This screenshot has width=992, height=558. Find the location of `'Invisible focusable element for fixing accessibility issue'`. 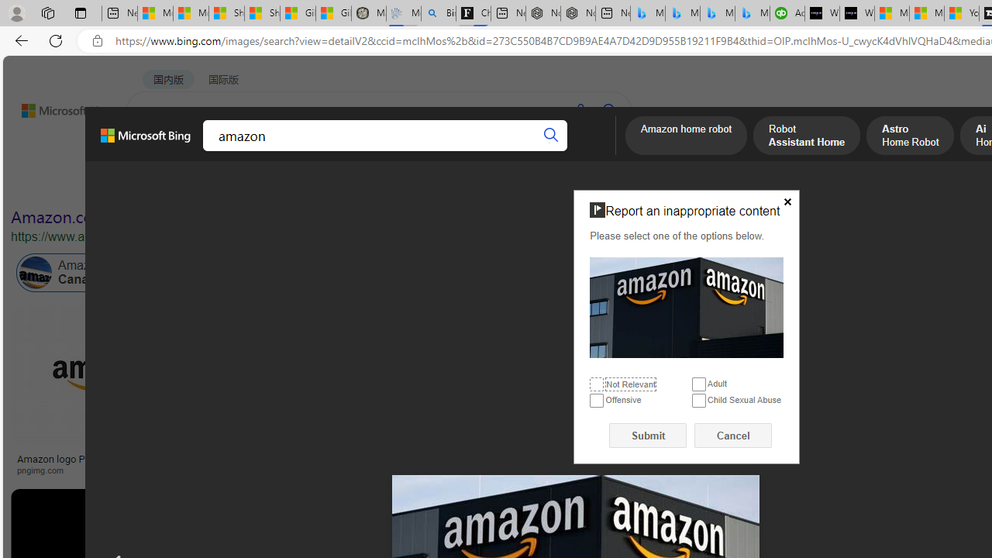

'Invisible focusable element for fixing accessibility issue' is located at coordinates (580, 192).